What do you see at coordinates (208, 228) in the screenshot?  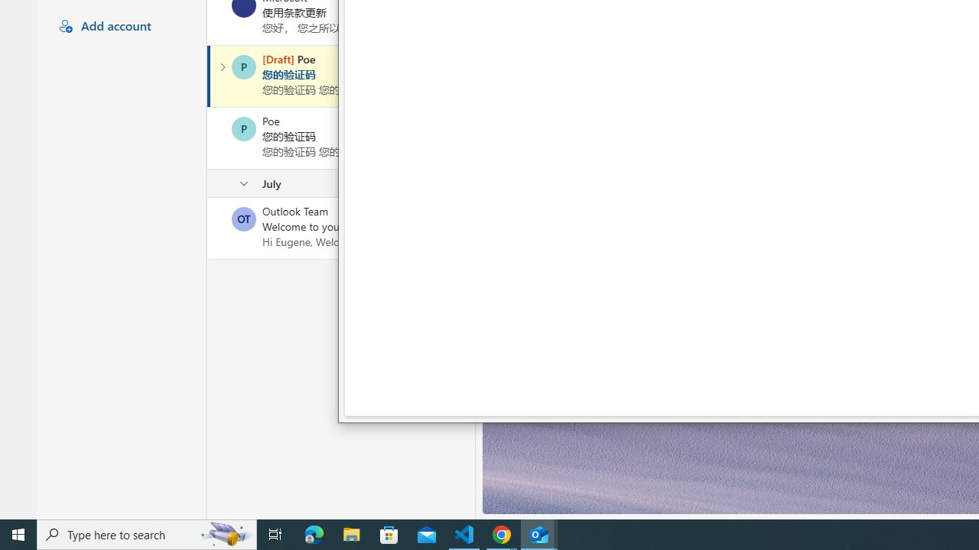 I see `'Mark as unread'` at bounding box center [208, 228].